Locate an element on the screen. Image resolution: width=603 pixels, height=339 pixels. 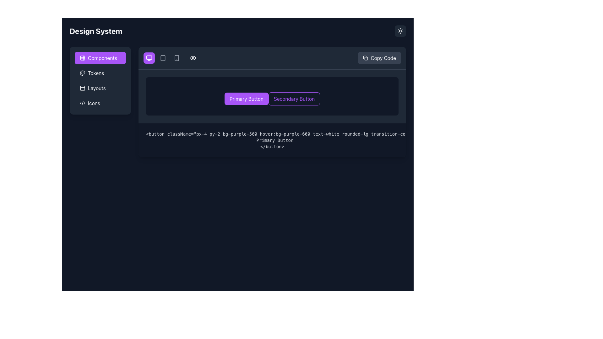
the navigation button for 'Components' located at the top of the sidebar is located at coordinates (100, 58).